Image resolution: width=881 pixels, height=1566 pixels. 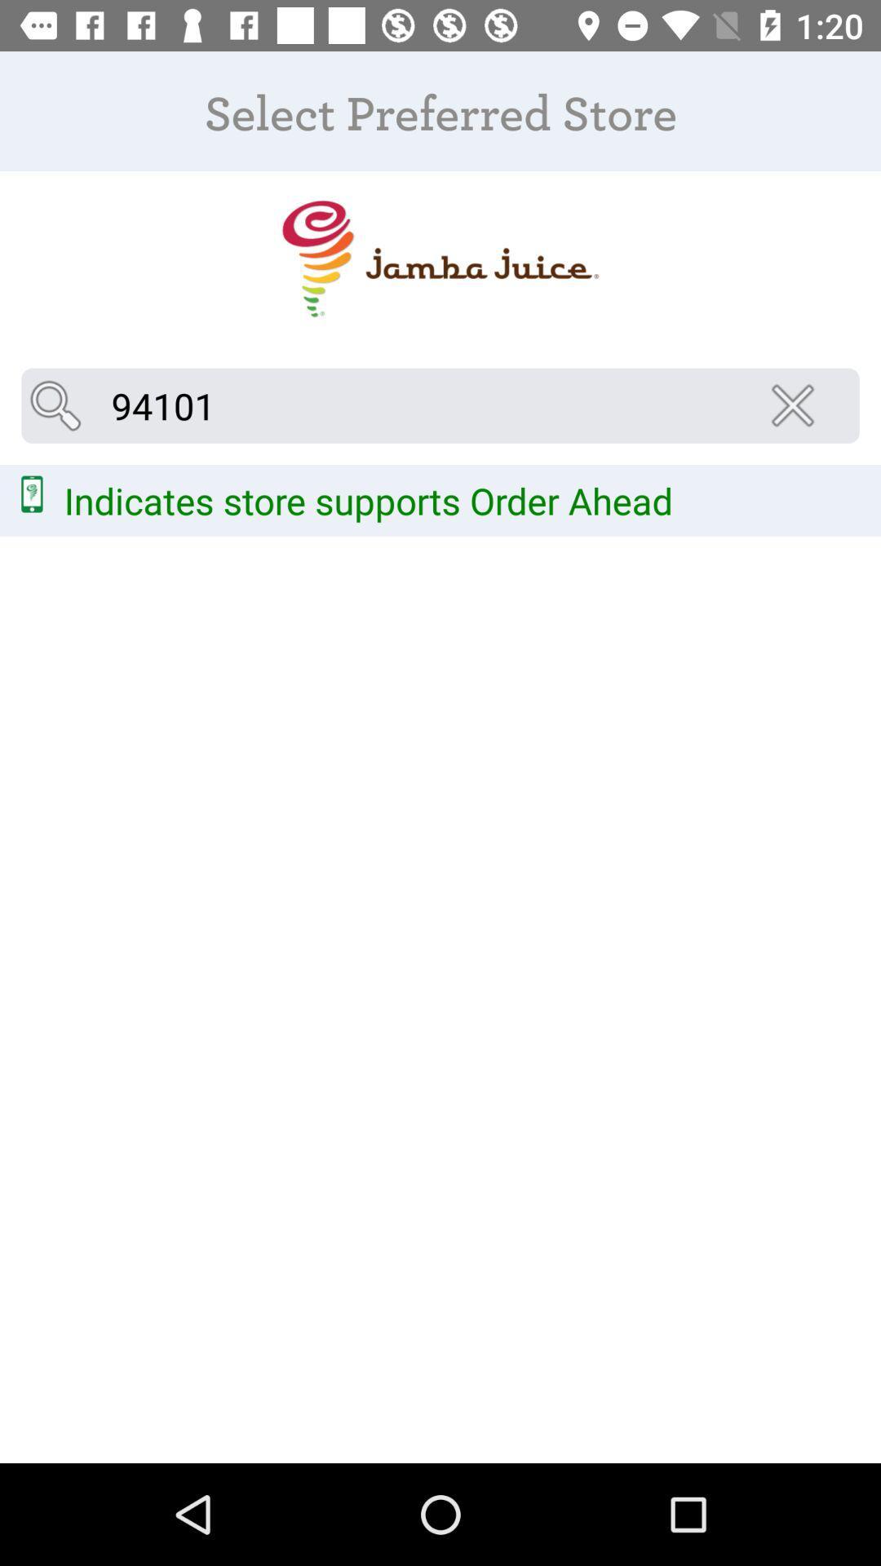 What do you see at coordinates (439, 258) in the screenshot?
I see `the element you want to pick` at bounding box center [439, 258].